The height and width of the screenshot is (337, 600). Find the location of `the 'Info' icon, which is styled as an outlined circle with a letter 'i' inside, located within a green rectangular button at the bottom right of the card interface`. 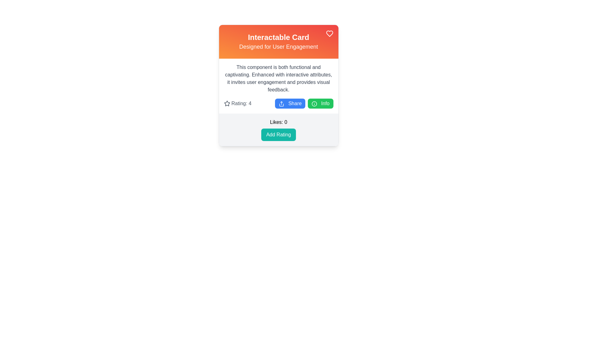

the 'Info' icon, which is styled as an outlined circle with a letter 'i' inside, located within a green rectangular button at the bottom right of the card interface is located at coordinates (314, 103).